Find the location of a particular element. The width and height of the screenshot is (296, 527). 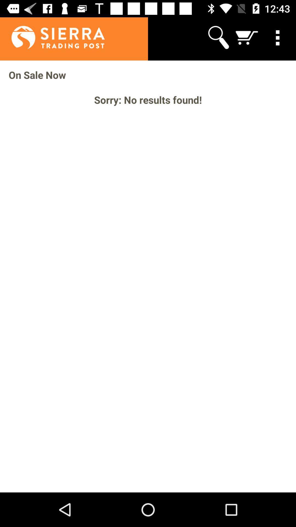

app above on sale now icon is located at coordinates (247, 37).